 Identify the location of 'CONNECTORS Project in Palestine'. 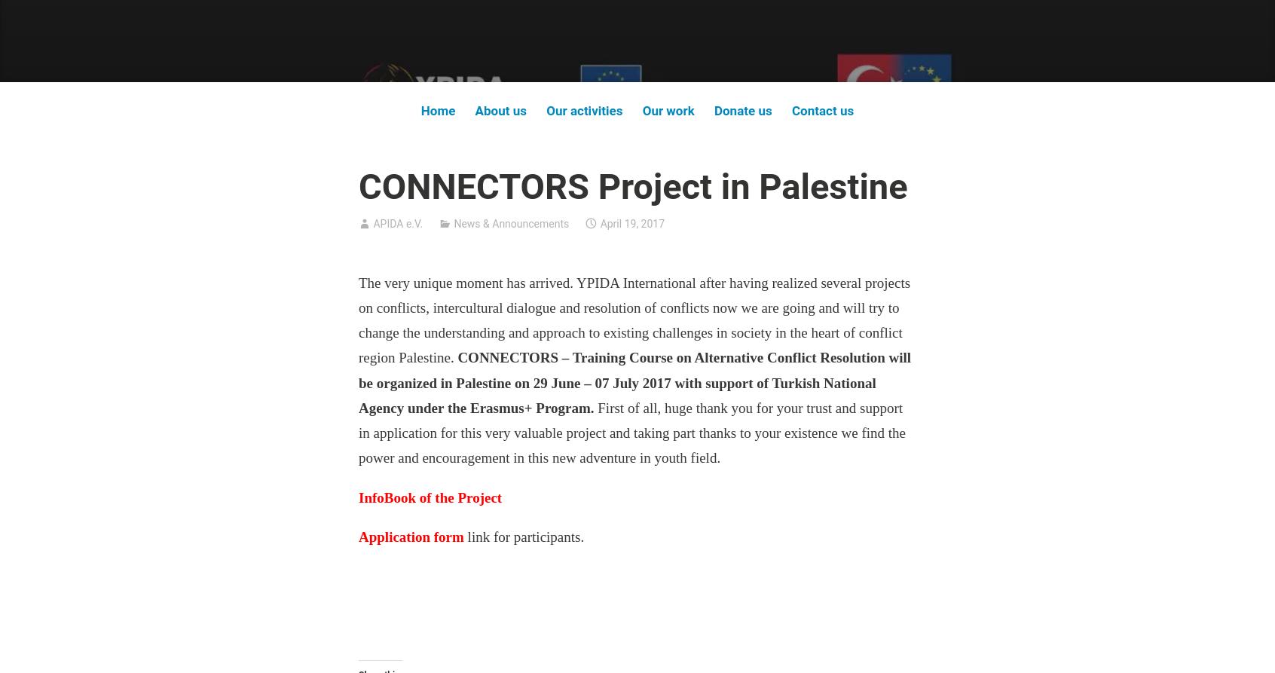
(633, 185).